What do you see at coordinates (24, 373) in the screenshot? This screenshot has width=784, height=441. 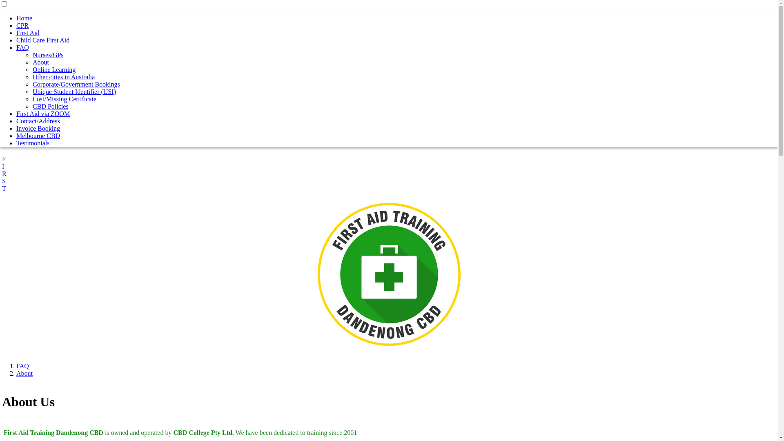 I see `'About'` at bounding box center [24, 373].